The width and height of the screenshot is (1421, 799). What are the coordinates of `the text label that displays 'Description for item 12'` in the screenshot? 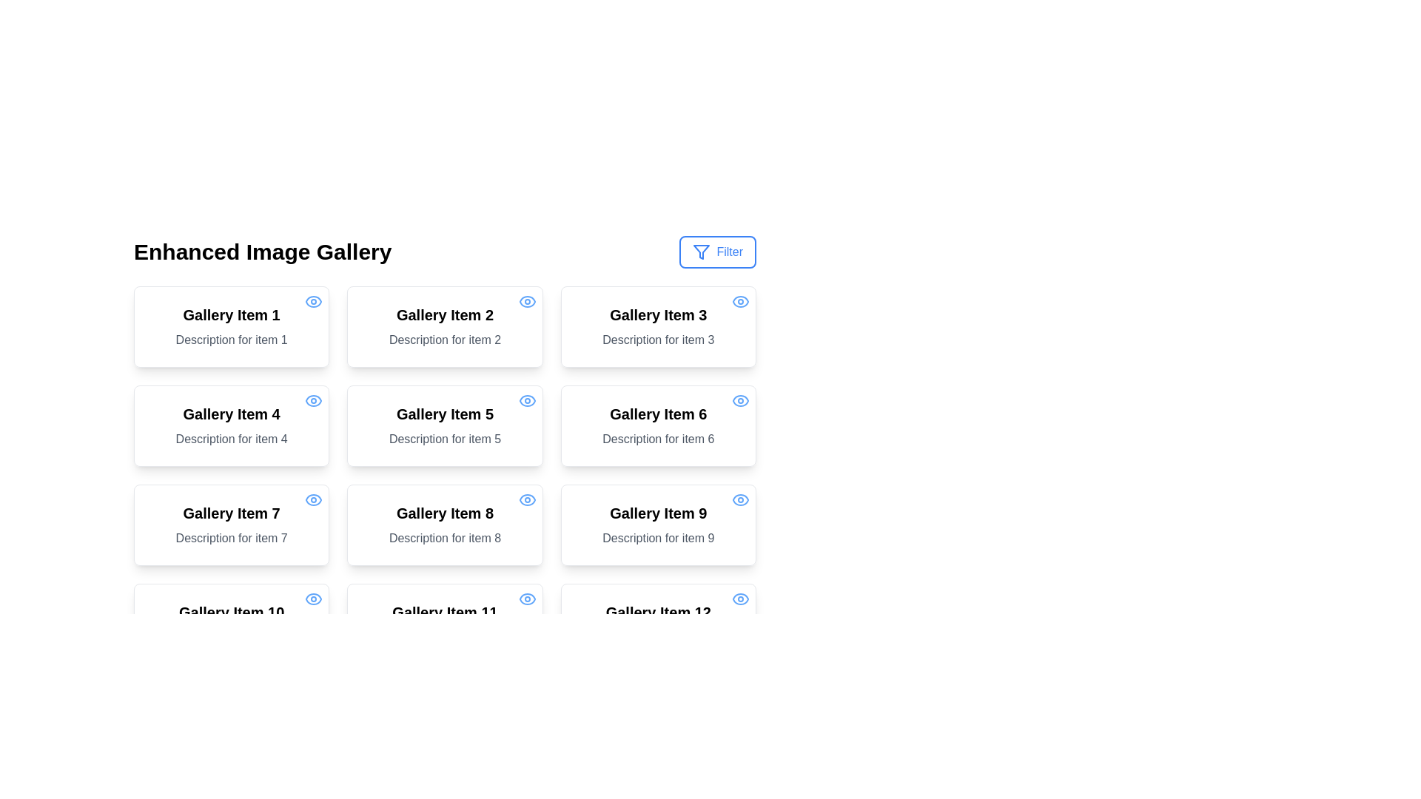 It's located at (657, 636).